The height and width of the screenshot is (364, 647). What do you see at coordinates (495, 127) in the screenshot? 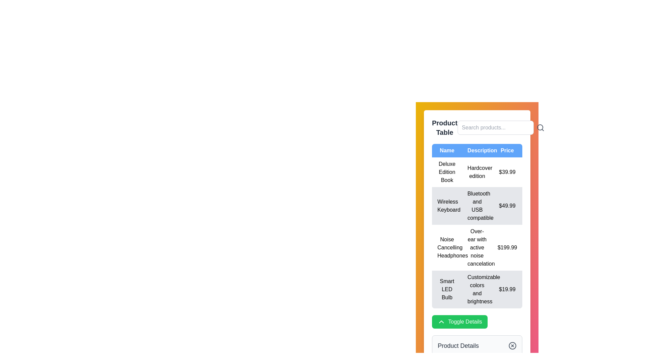
I see `the rectangular text input field with rounded corners that has a placeholder text saying 'Search products...' for interaction feedback` at bounding box center [495, 127].